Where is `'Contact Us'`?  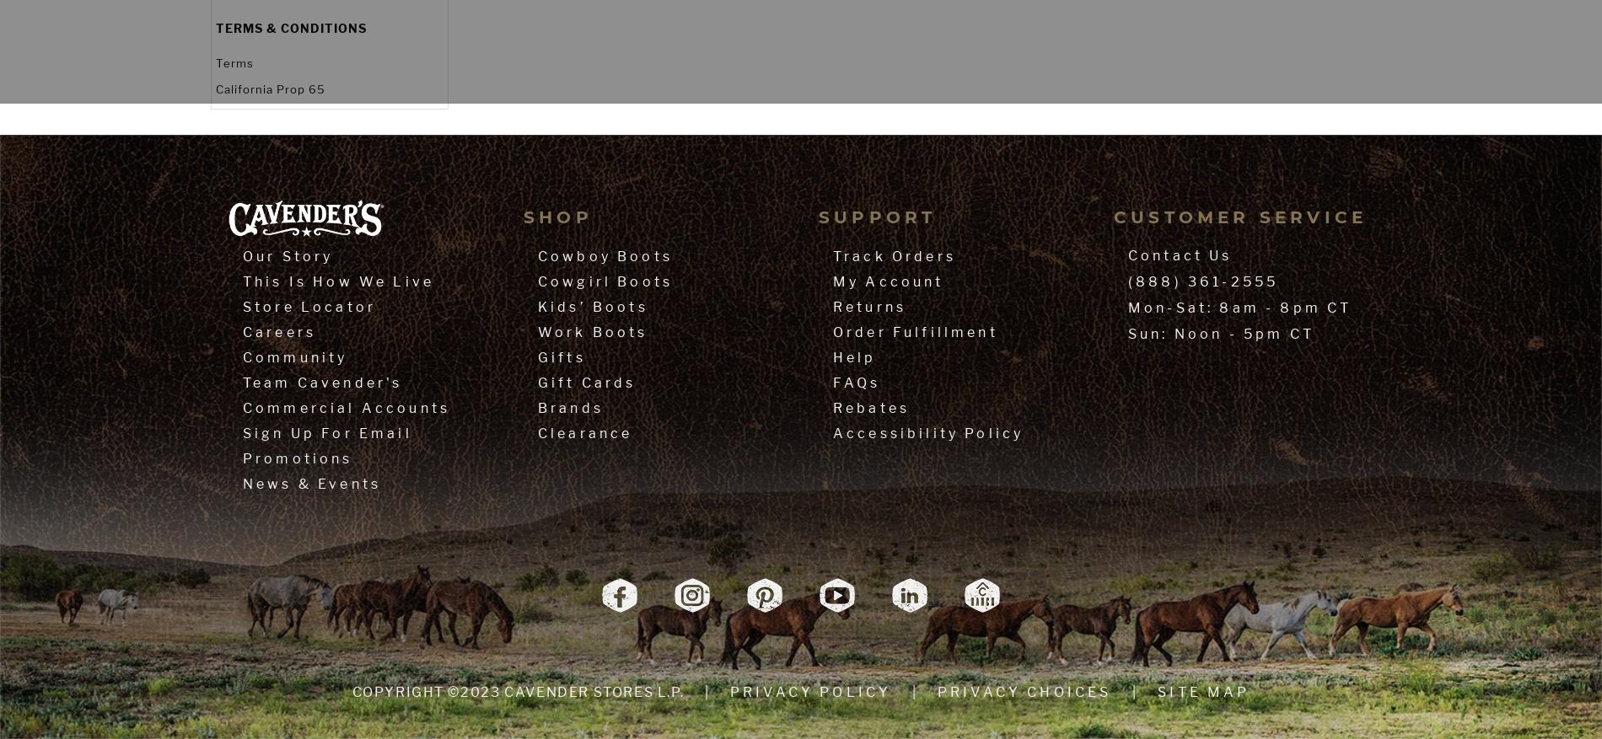 'Contact Us' is located at coordinates (1179, 254).